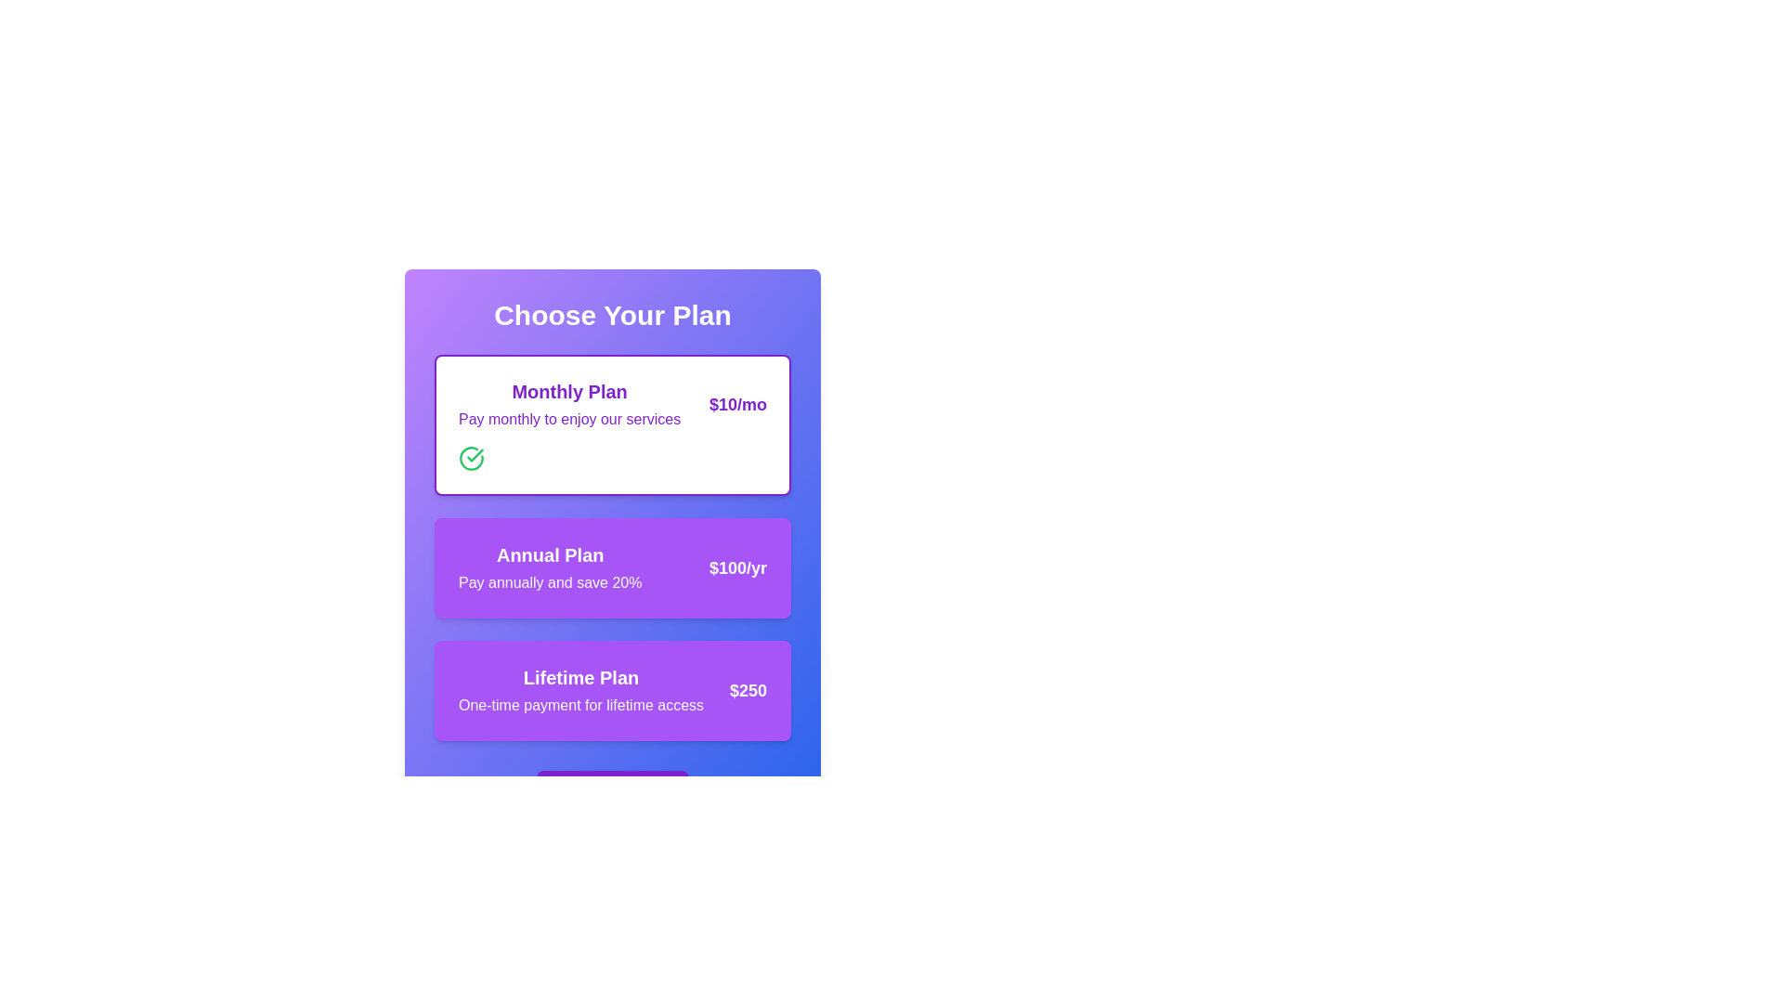 The image size is (1783, 1003). I want to click on text label that says 'Pay monthly to enjoy our services', which is styled in a medium-sized purple font and located beneath the 'Monthly Plan' title, so click(568, 419).